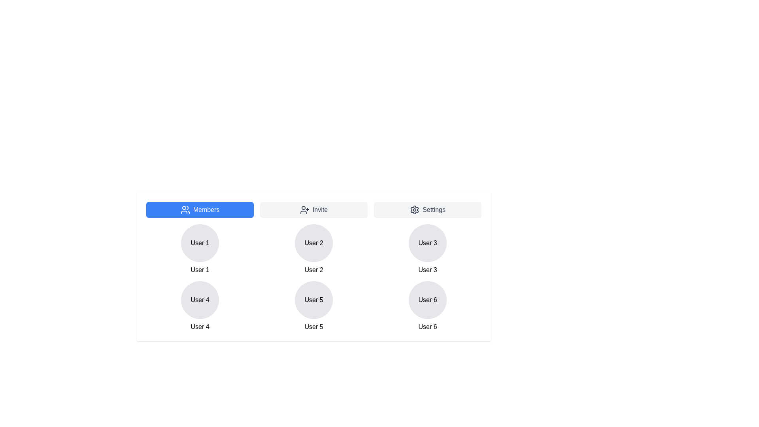  Describe the element at coordinates (313, 327) in the screenshot. I see `text label displaying 'User 5' located below the circular grey avatar in the middle column of the grid layout` at that location.